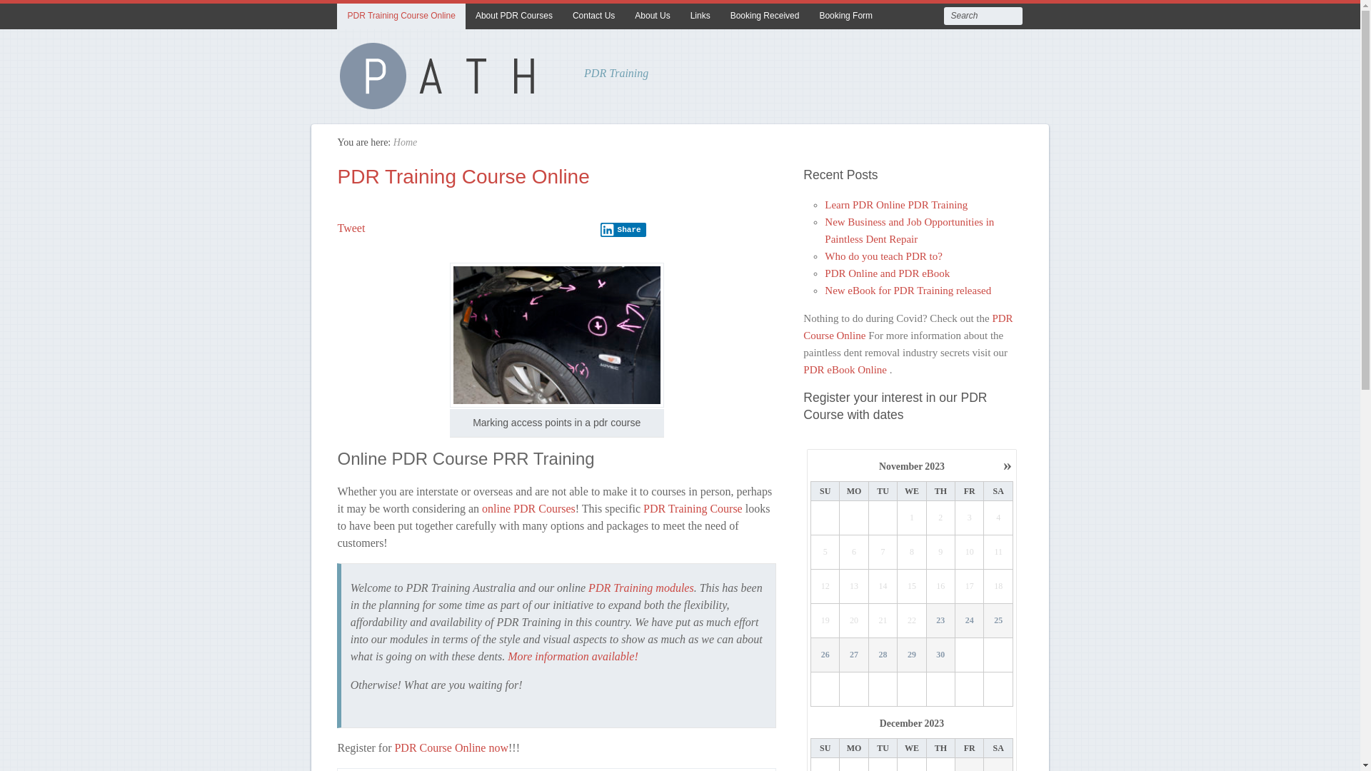 Image resolution: width=1371 pixels, height=771 pixels. I want to click on 'About PDR Courses', so click(514, 16).